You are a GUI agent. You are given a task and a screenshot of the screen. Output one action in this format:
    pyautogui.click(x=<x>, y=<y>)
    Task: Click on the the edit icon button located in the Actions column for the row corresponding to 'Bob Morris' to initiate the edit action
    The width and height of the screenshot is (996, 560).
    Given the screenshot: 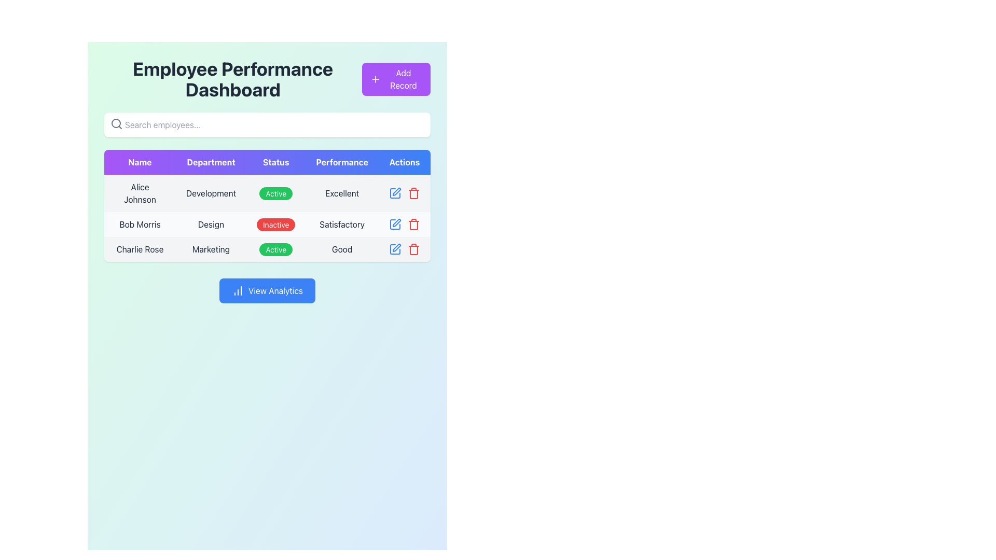 What is the action you would take?
    pyautogui.click(x=395, y=192)
    